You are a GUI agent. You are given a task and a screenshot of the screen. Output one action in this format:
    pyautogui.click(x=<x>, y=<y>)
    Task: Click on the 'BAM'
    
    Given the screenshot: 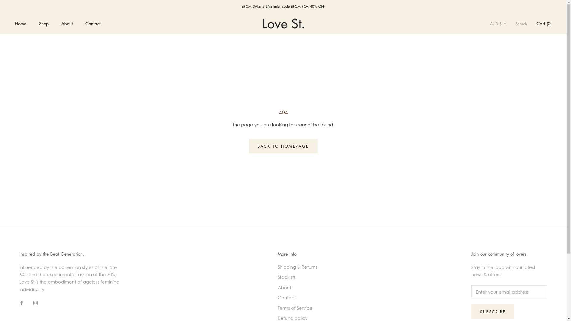 What is the action you would take?
    pyautogui.click(x=508, y=112)
    